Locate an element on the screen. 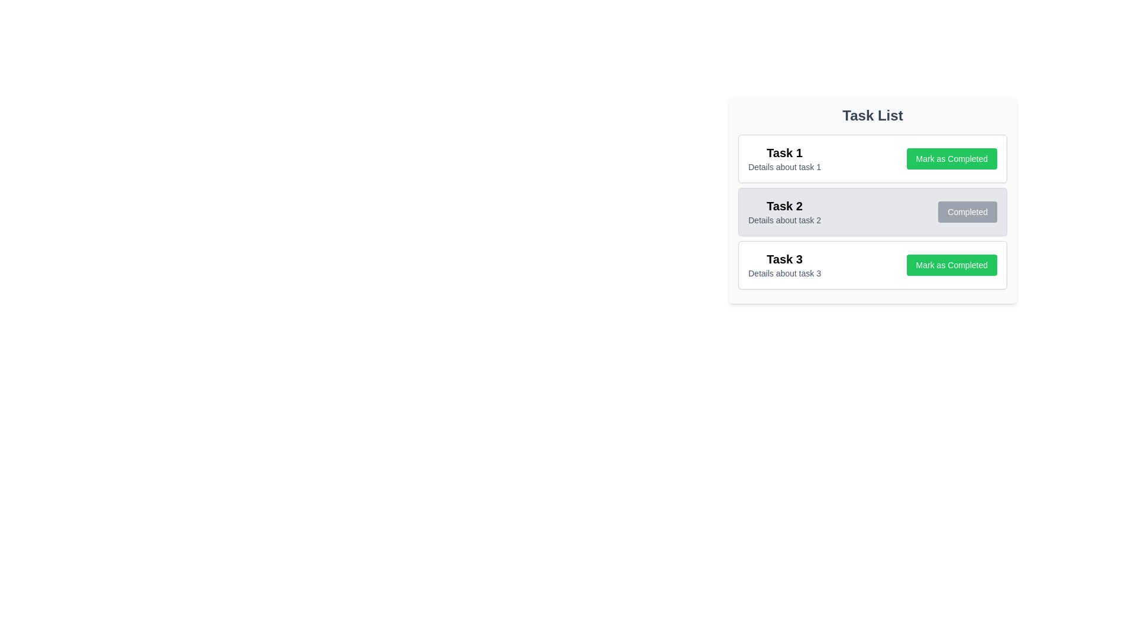 The width and height of the screenshot is (1135, 638). the Text element that serves as a header for the second task in the task list, located in the second row of the vertical list and aligned to the left side is located at coordinates (784, 205).